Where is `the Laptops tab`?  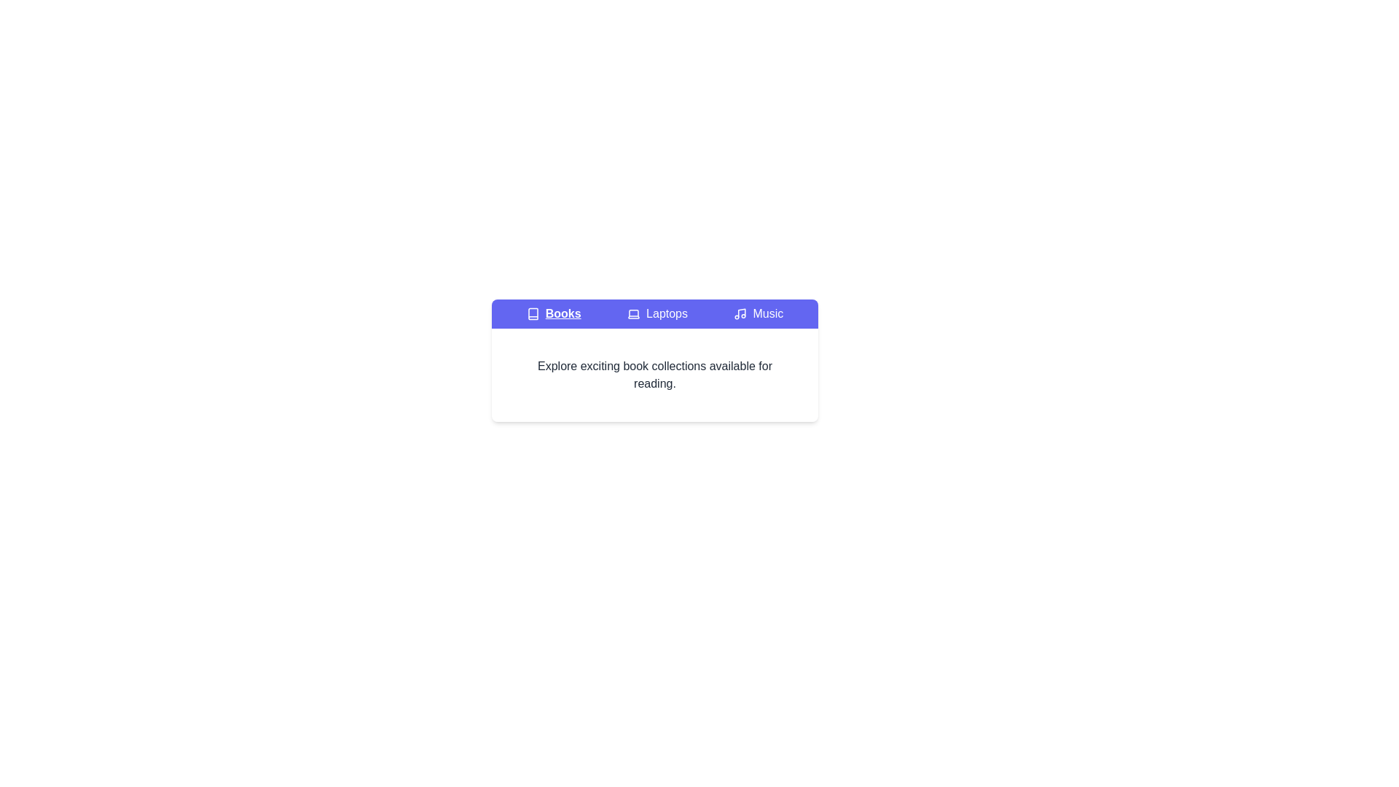 the Laptops tab is located at coordinates (657, 313).